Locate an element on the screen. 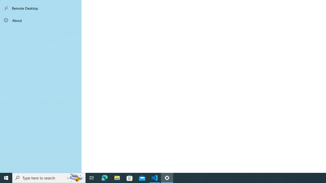 This screenshot has height=183, width=326. 'Microsoft Edge' is located at coordinates (104, 177).